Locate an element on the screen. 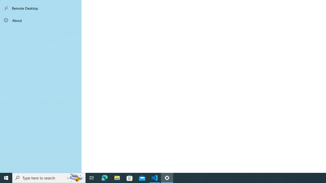 This screenshot has height=183, width=326. 'Microsoft Edge' is located at coordinates (104, 177).